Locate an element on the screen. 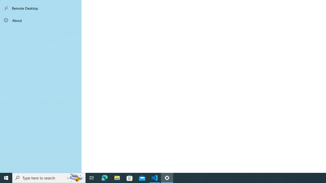 This screenshot has height=183, width=326. 'Microsoft Edge' is located at coordinates (104, 177).